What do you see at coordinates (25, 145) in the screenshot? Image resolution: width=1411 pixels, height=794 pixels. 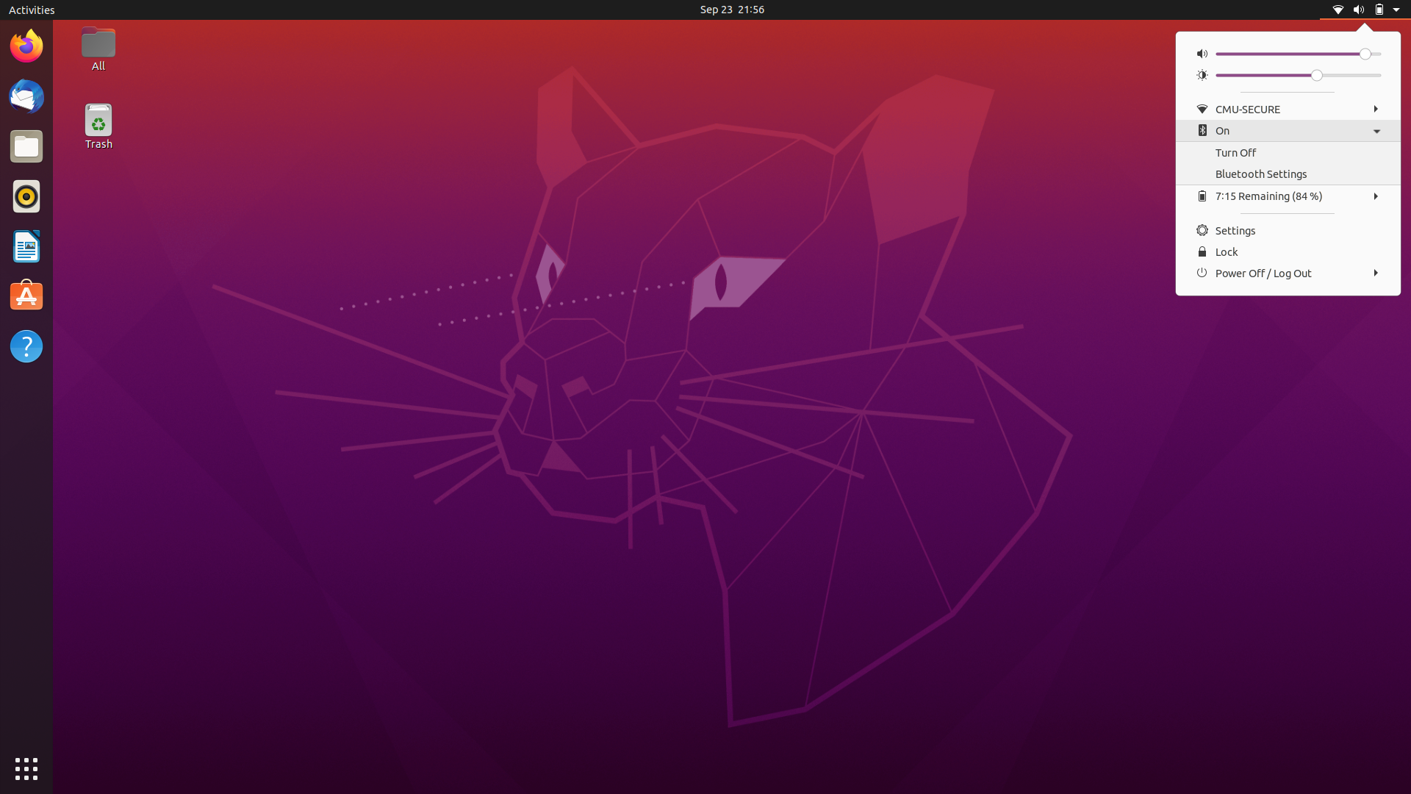 I see `the File Directory` at bounding box center [25, 145].